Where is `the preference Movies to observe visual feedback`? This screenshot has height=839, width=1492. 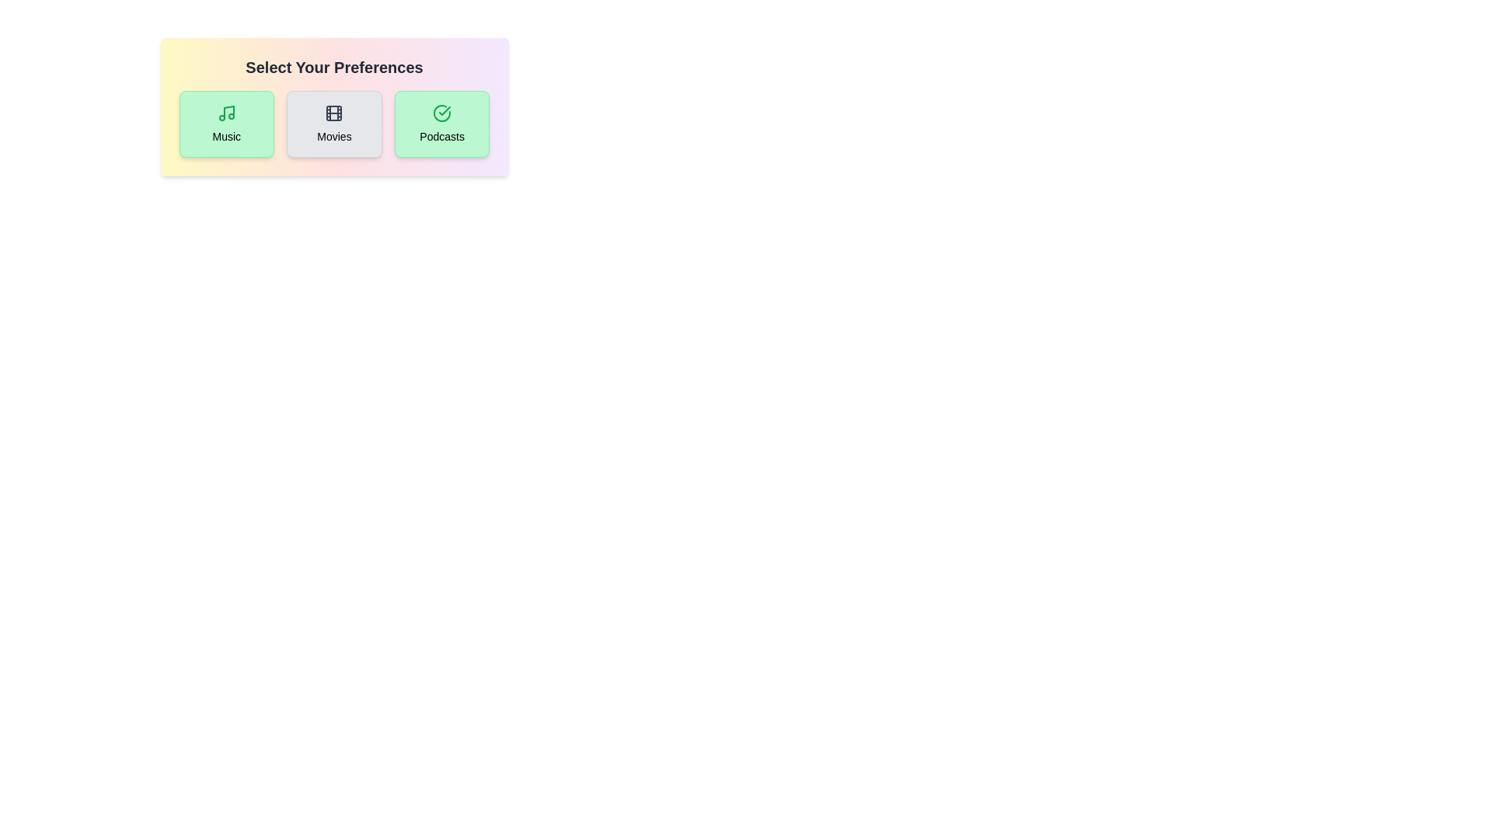
the preference Movies to observe visual feedback is located at coordinates (333, 123).